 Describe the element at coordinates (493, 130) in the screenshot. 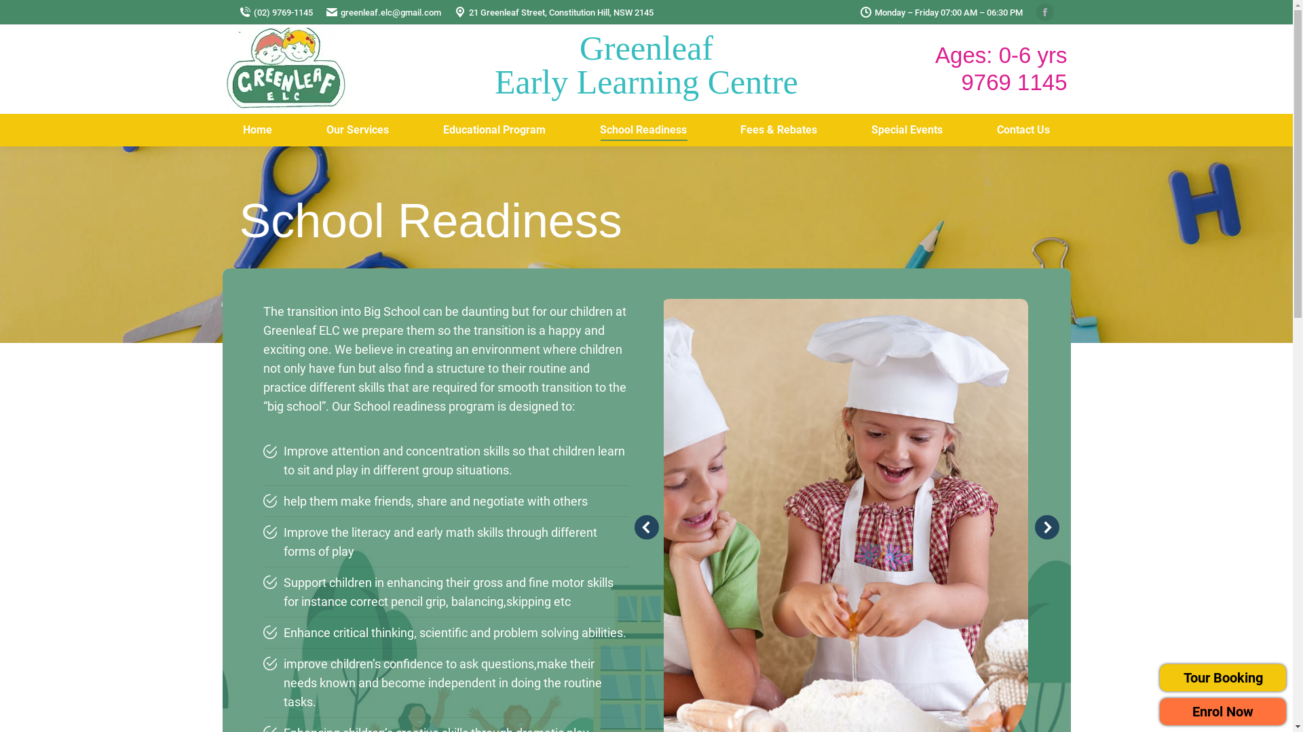

I see `'Educational Program'` at that location.